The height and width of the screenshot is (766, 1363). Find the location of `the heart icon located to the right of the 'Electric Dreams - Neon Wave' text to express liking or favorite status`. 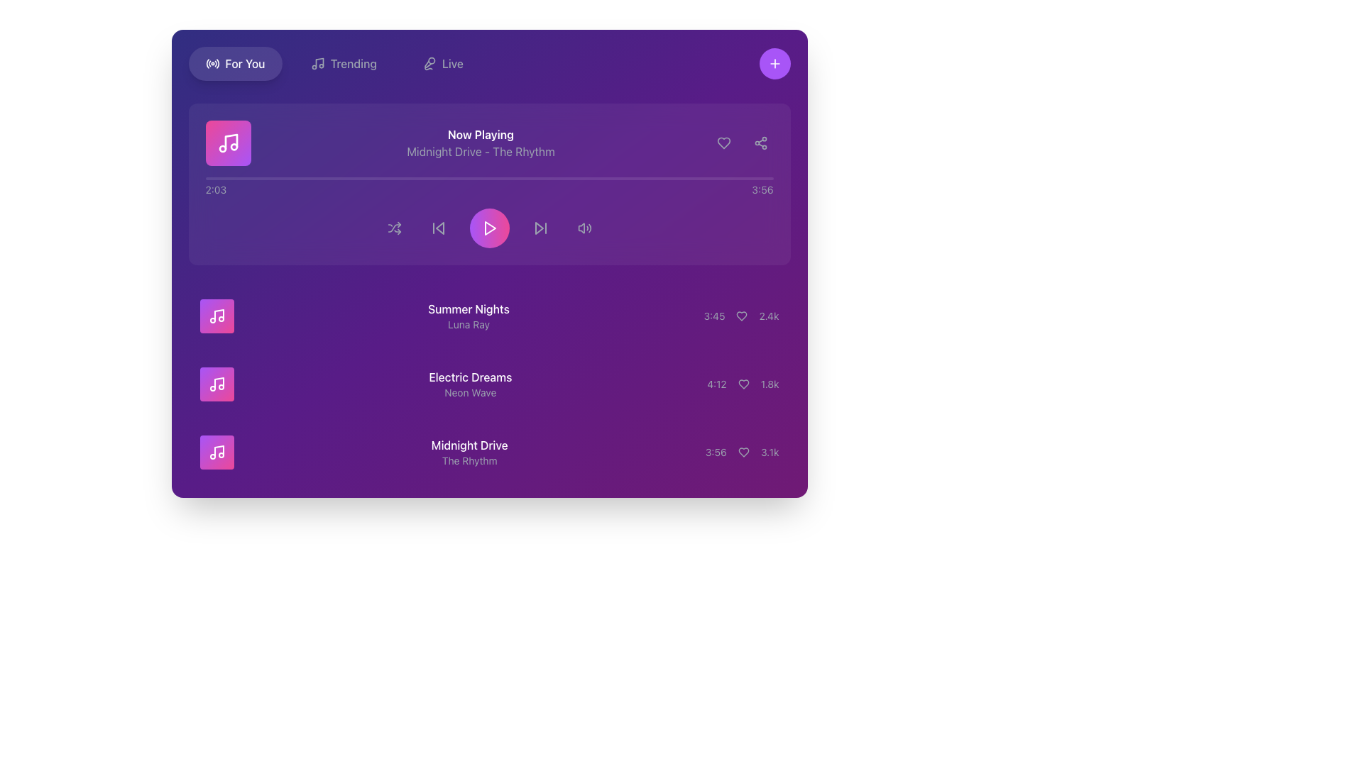

the heart icon located to the right of the 'Electric Dreams - Neon Wave' text to express liking or favorite status is located at coordinates (743, 384).